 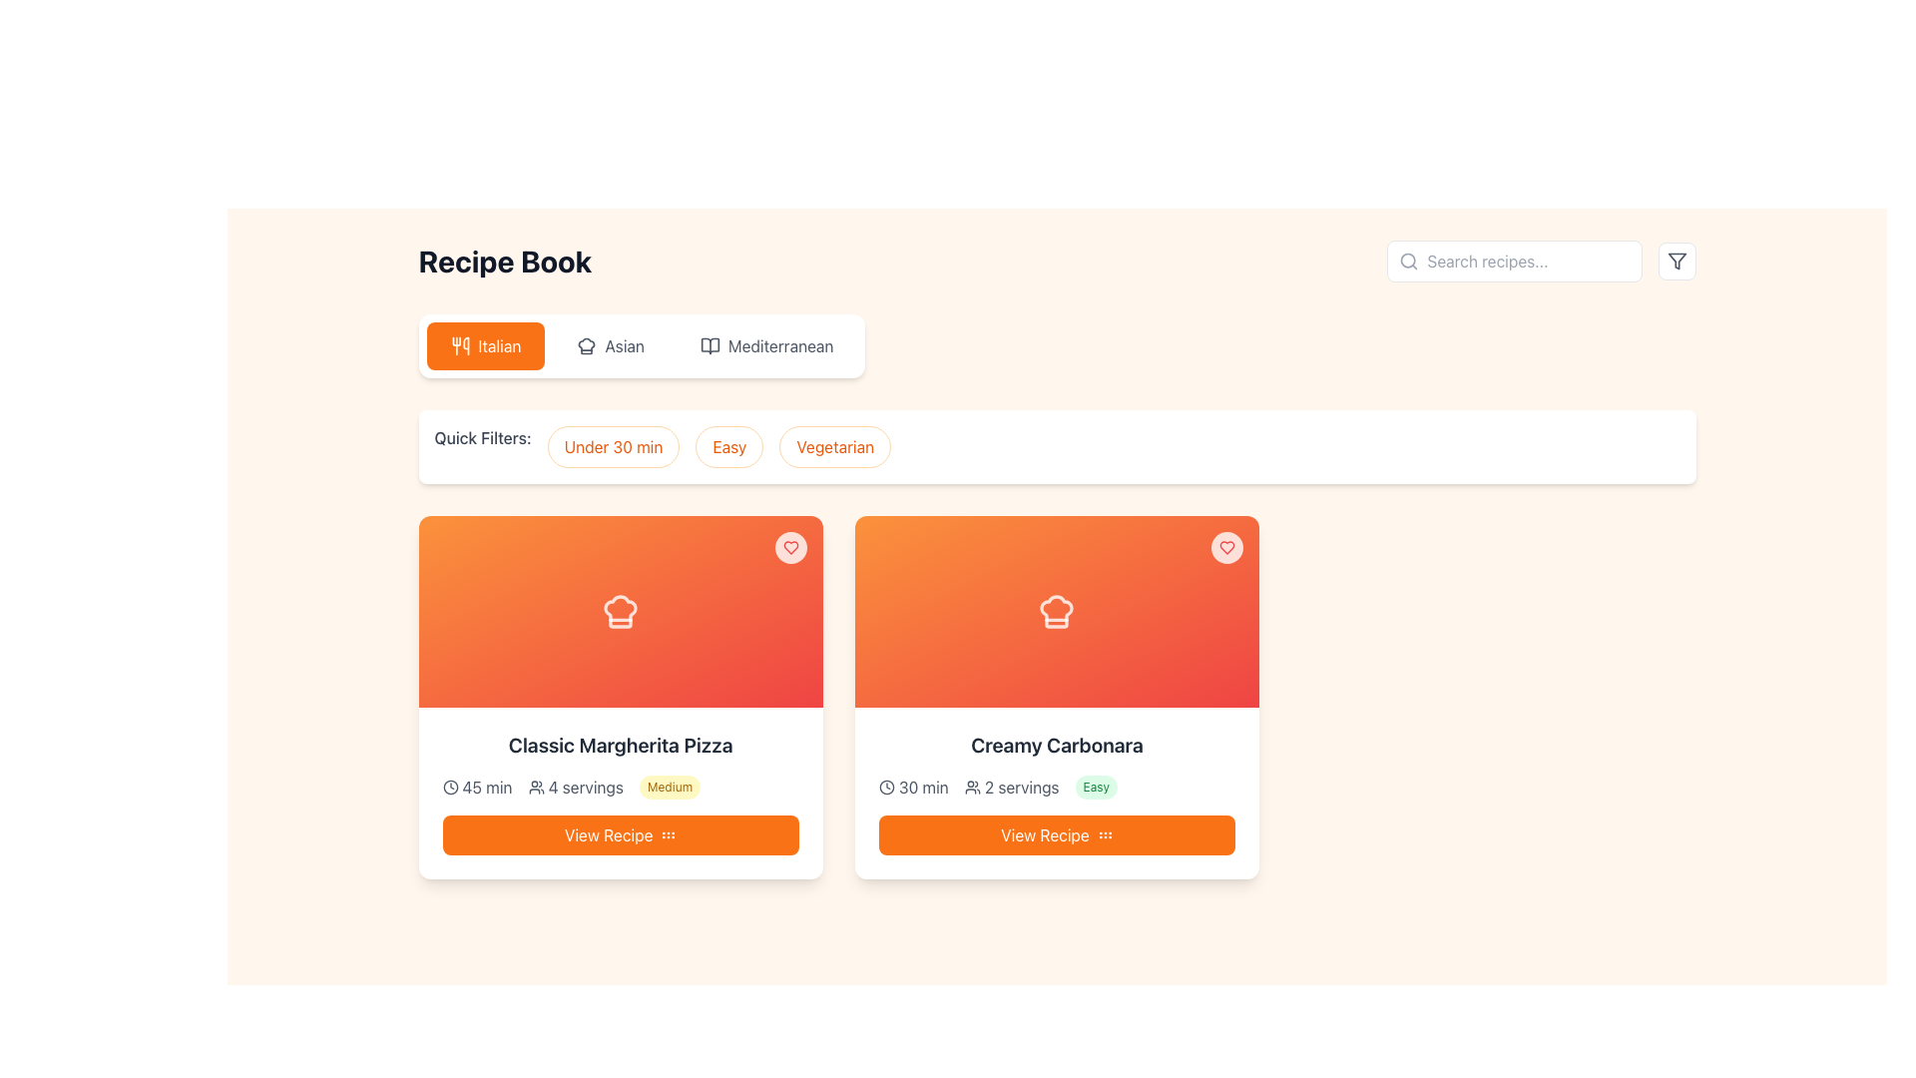 What do you see at coordinates (1095, 787) in the screenshot?
I see `the difficulty level badge indicating the recipe's ease of preparation for 'Creamy Carbonara', located at the bottom-right section of the recipe card` at bounding box center [1095, 787].